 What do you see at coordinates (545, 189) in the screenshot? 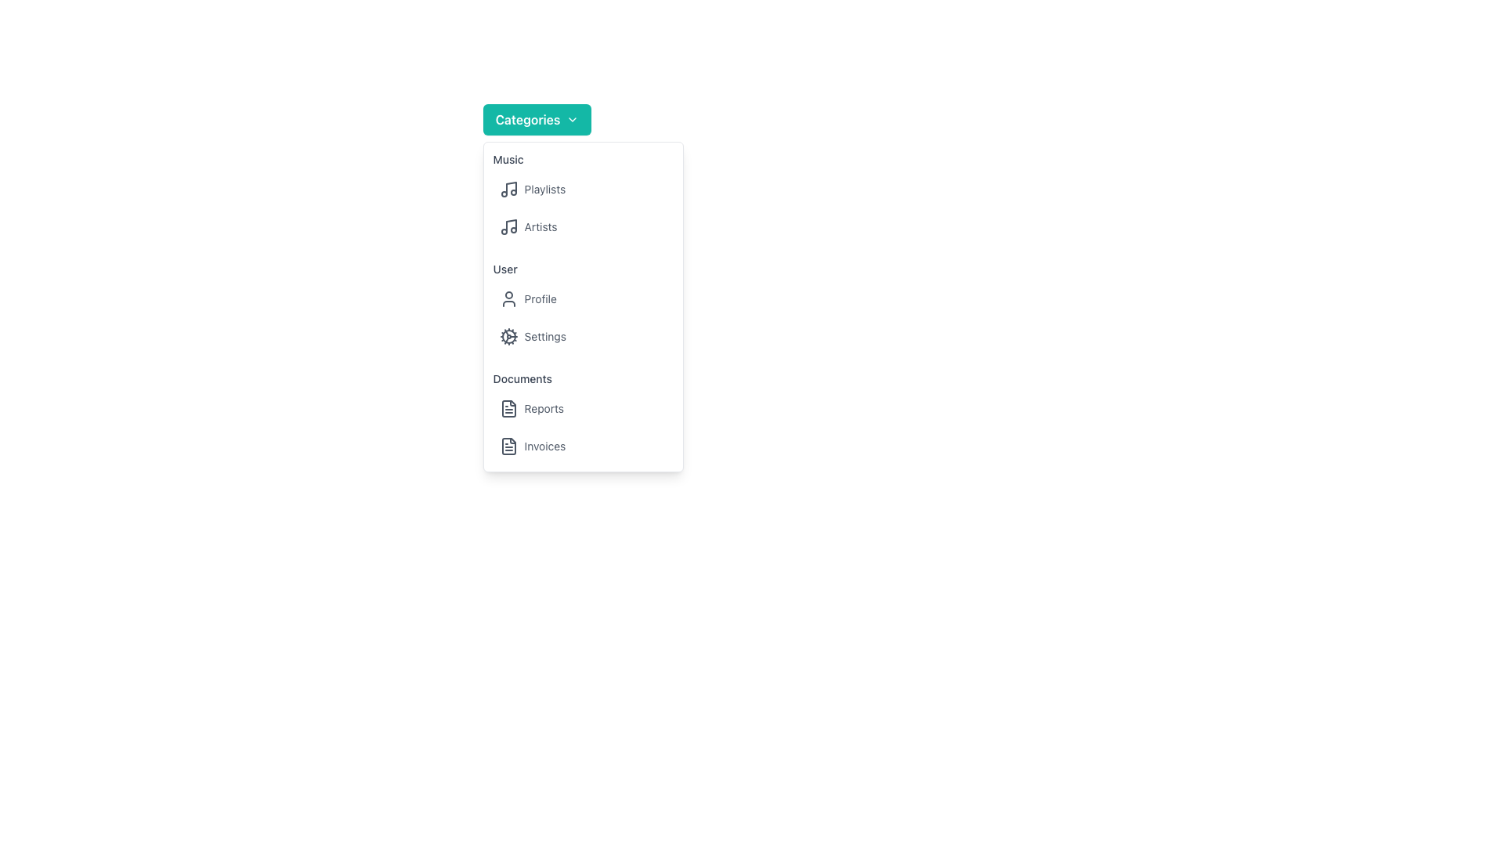
I see `the first navigation label under the 'Music' category in the dropdown menu` at bounding box center [545, 189].